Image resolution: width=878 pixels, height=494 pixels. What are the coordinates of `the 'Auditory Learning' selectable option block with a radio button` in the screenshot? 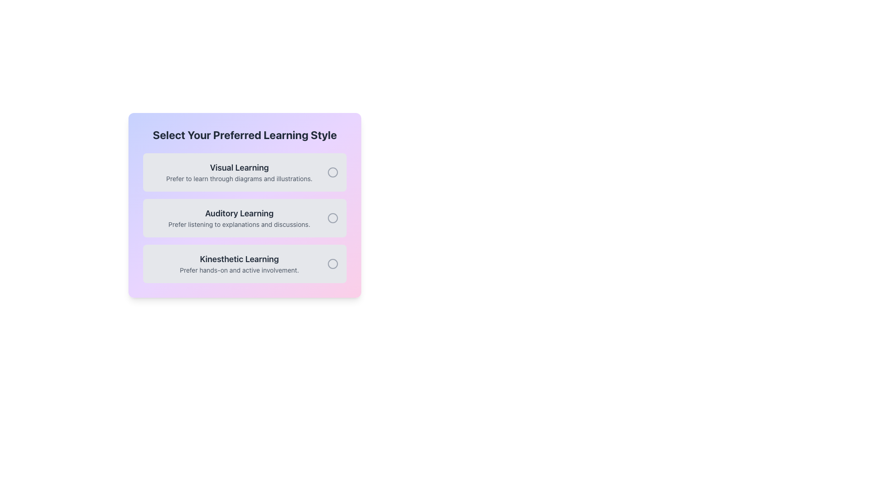 It's located at (245, 218).